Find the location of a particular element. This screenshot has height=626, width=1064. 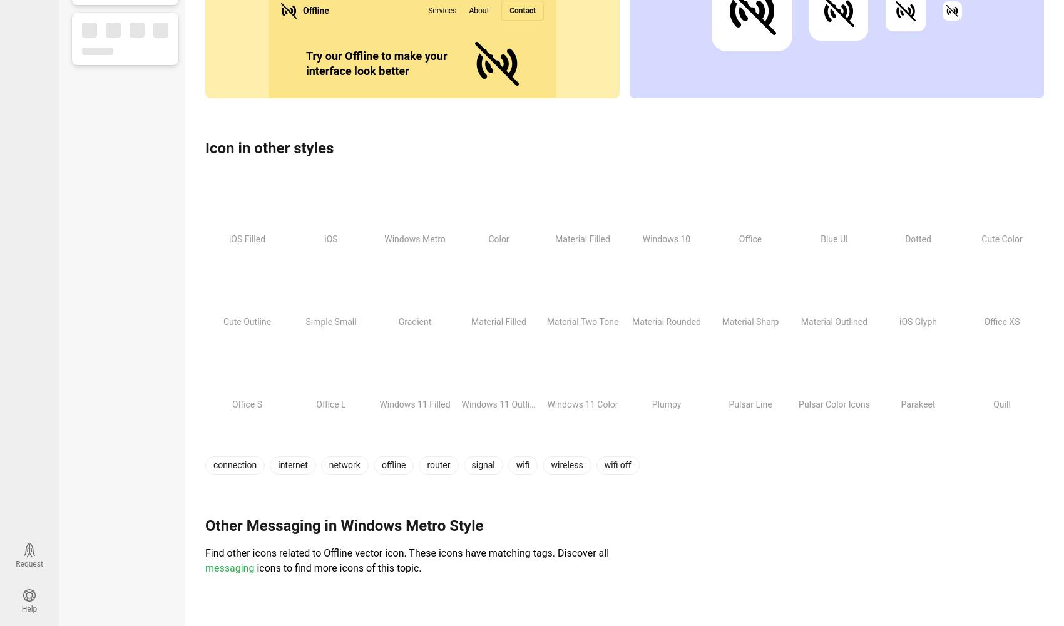

'Request' is located at coordinates (29, 564).